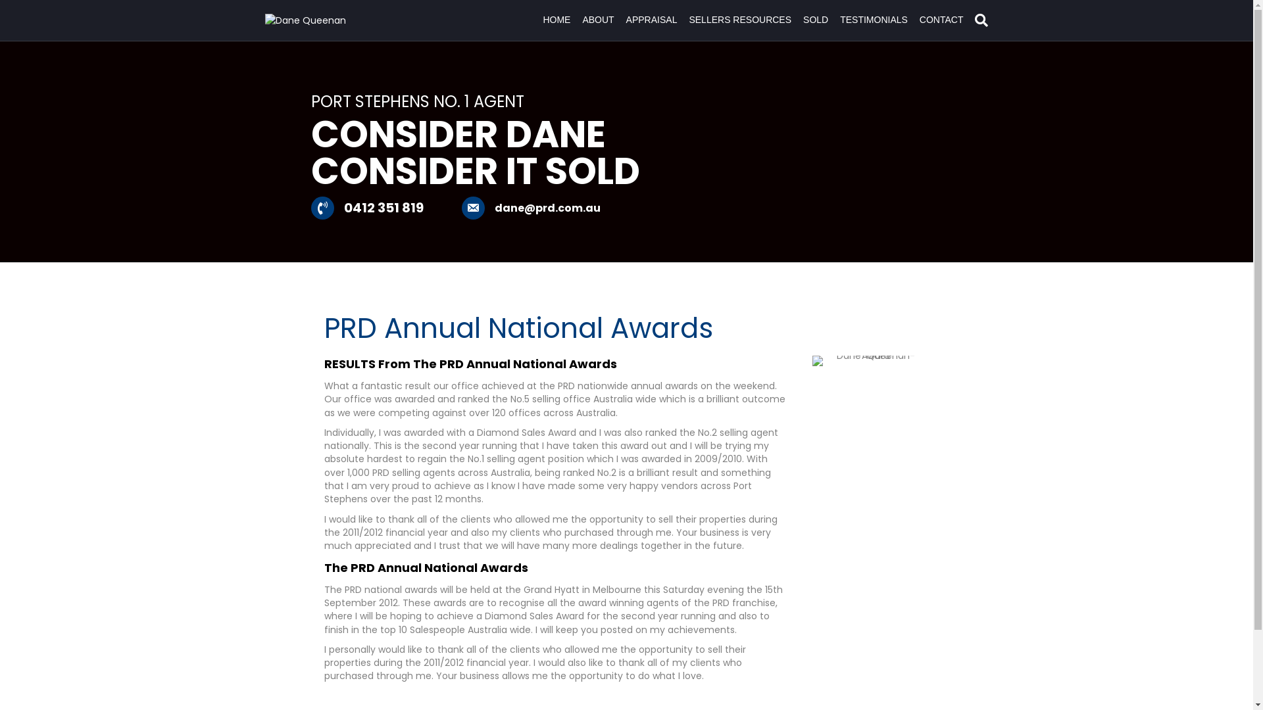 The image size is (1263, 710). I want to click on 'SELLERS RESOURCES', so click(682, 20).